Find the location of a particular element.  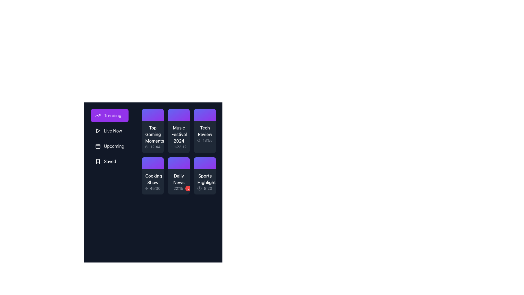

the 'Sports Highlights' text label located in the bottom-right section of the grid layout that identifies the associated content is located at coordinates (205, 179).